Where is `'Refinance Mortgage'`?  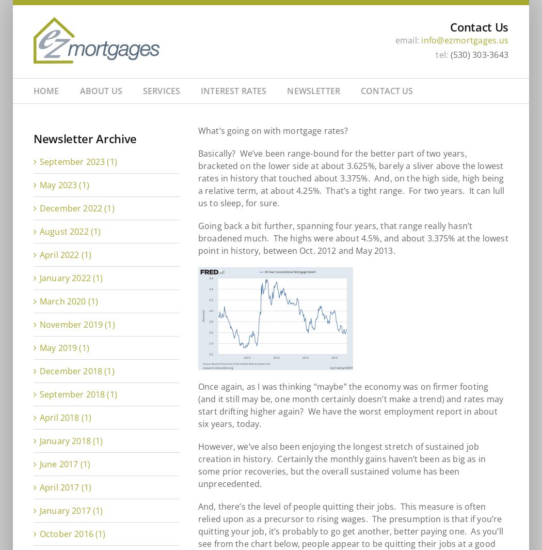 'Refinance Mortgage' is located at coordinates (152, 187).